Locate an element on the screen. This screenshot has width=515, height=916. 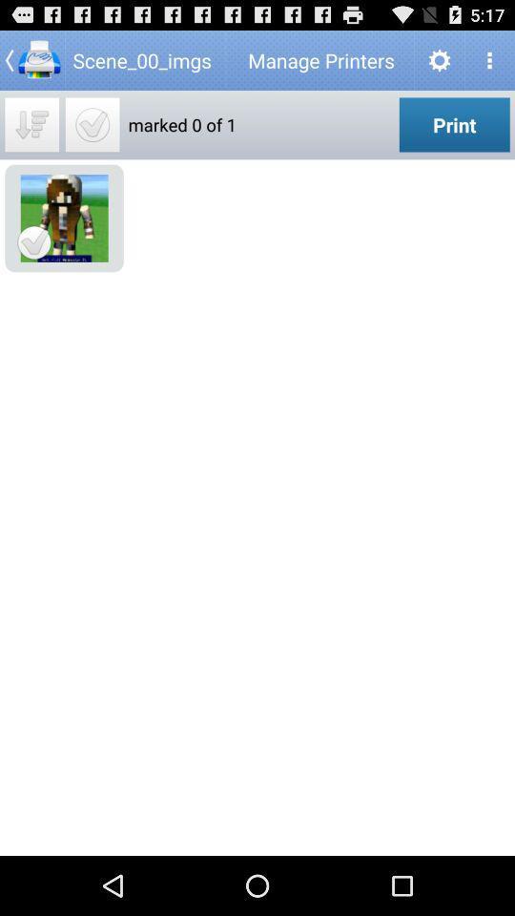
the app next to the marked 0 of icon is located at coordinates (453, 123).